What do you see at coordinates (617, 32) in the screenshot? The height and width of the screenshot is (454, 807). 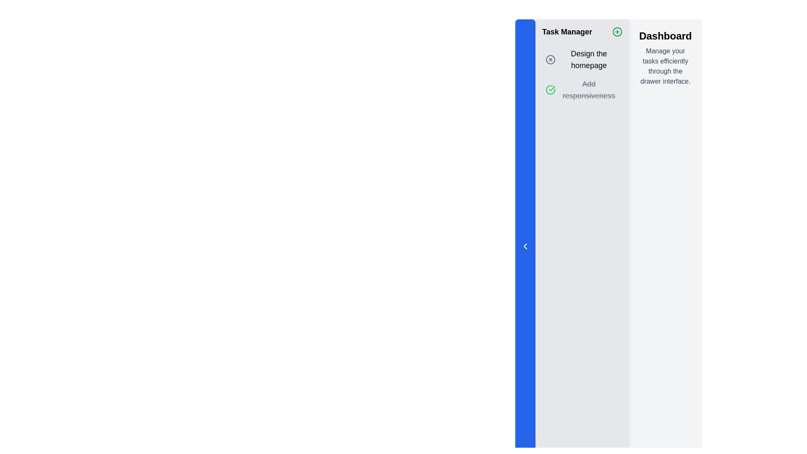 I see `the interactive button located in the right section of the header bar titled 'Task Manager'` at bounding box center [617, 32].